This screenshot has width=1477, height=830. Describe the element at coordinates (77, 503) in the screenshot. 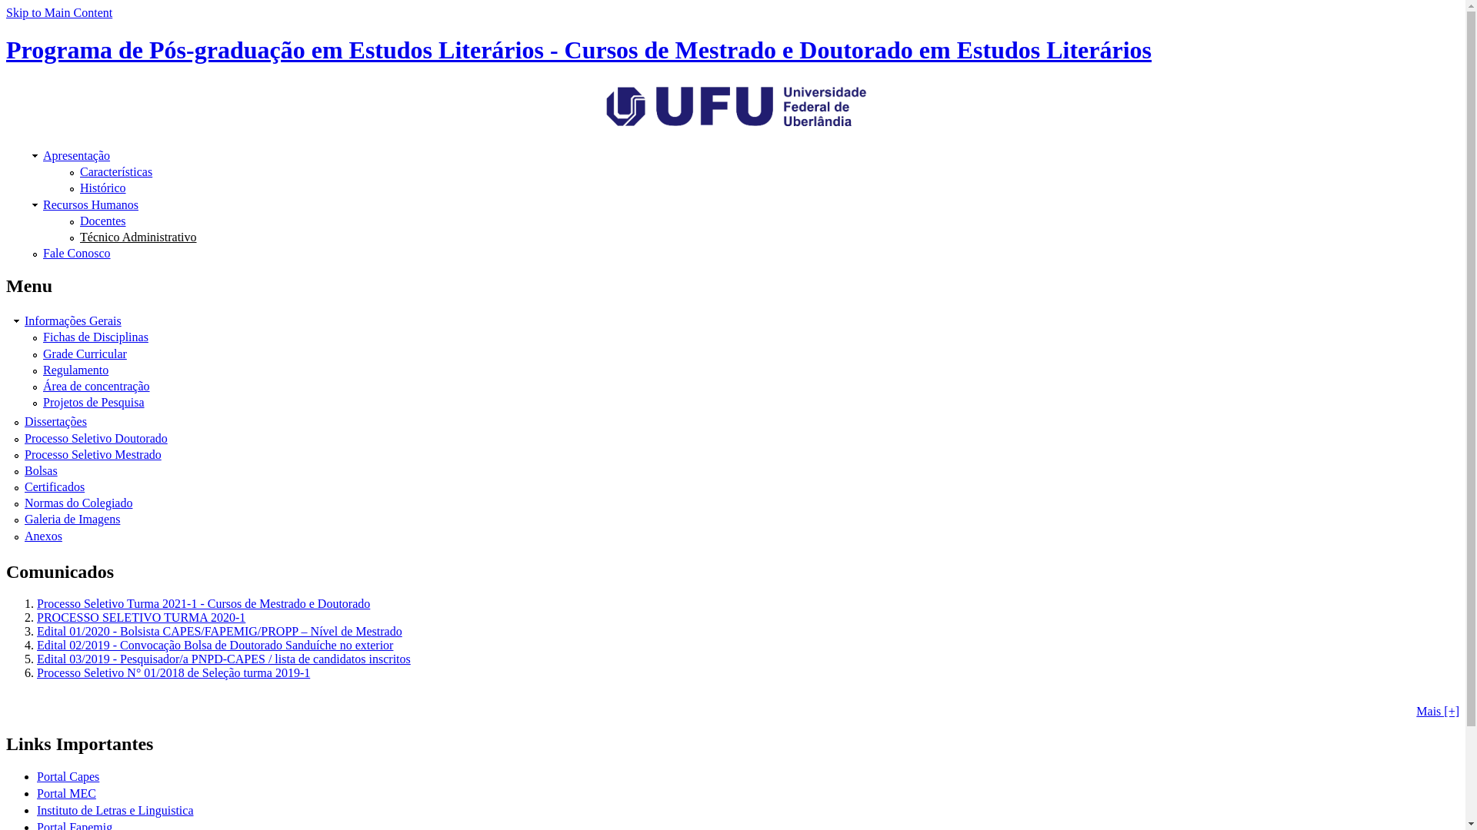

I see `'Normas do Colegiado'` at that location.